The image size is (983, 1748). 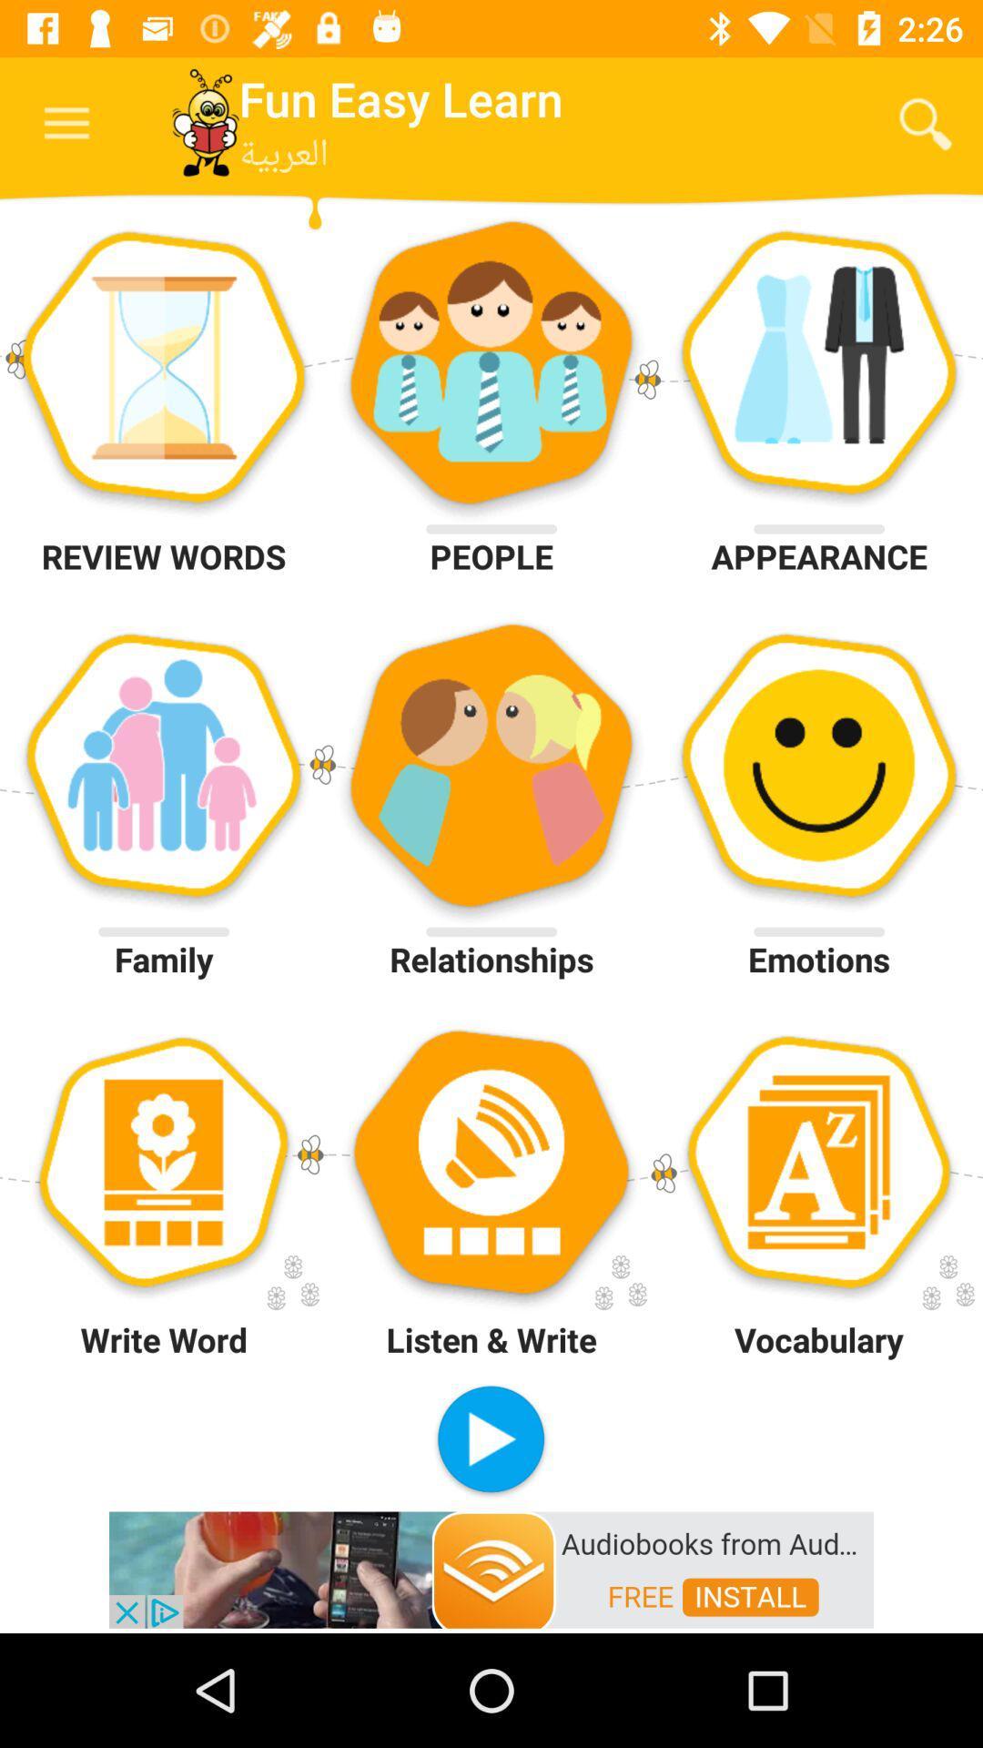 I want to click on the play icon, so click(x=490, y=1440).